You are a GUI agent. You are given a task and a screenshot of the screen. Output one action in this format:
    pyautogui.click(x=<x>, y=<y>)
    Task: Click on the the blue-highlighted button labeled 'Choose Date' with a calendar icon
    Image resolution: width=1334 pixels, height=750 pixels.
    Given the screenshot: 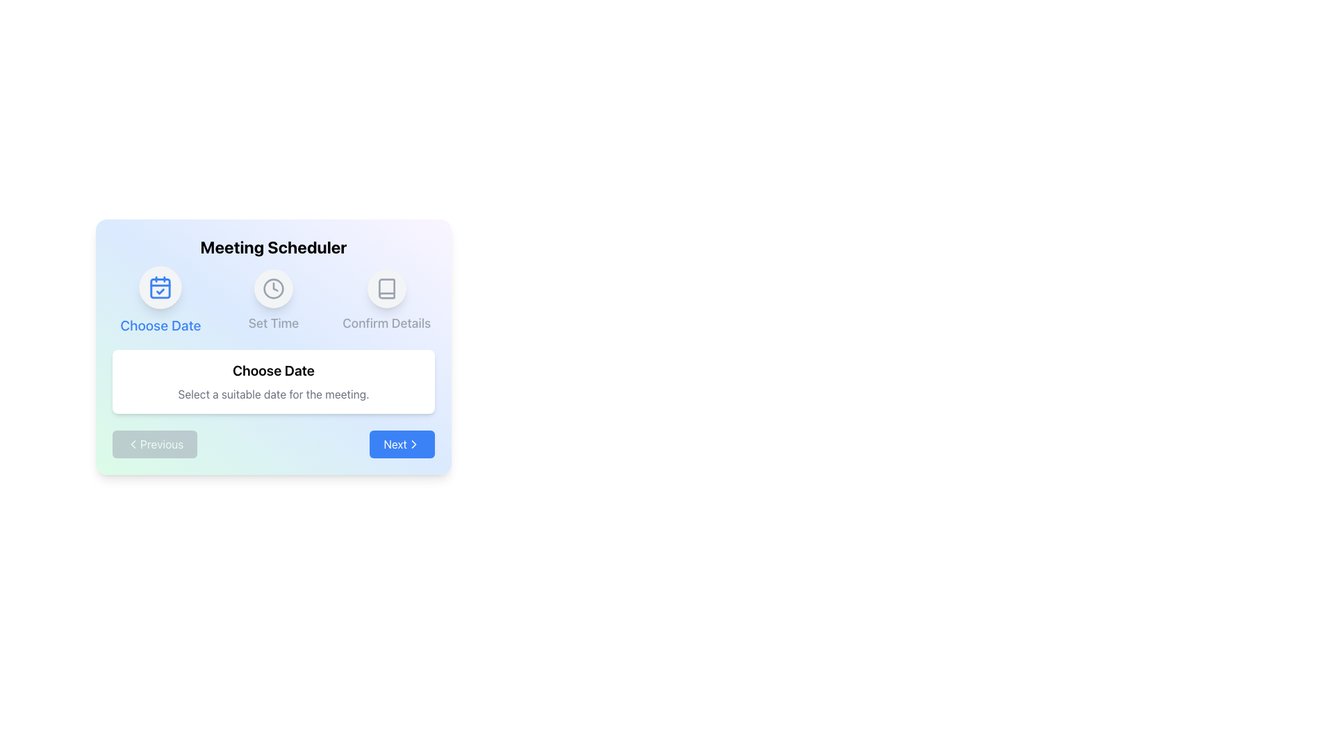 What is the action you would take?
    pyautogui.click(x=160, y=301)
    